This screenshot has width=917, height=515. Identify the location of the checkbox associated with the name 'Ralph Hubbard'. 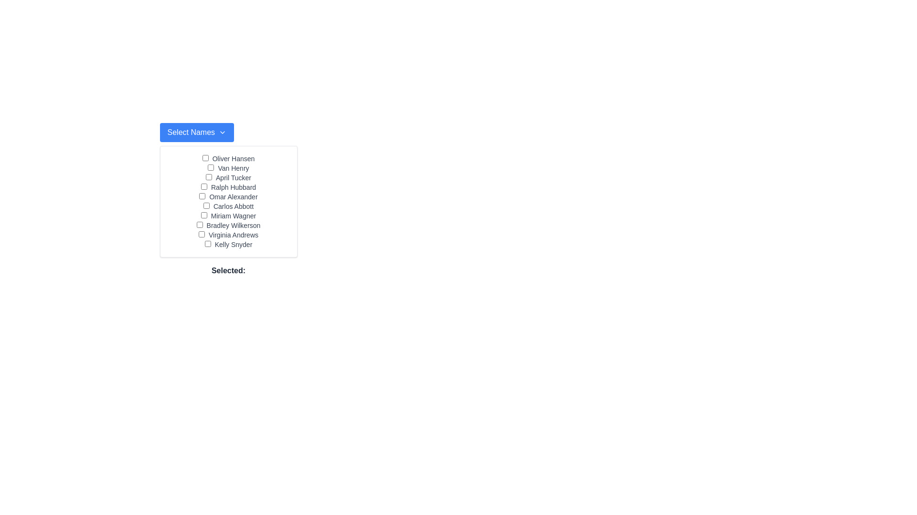
(228, 187).